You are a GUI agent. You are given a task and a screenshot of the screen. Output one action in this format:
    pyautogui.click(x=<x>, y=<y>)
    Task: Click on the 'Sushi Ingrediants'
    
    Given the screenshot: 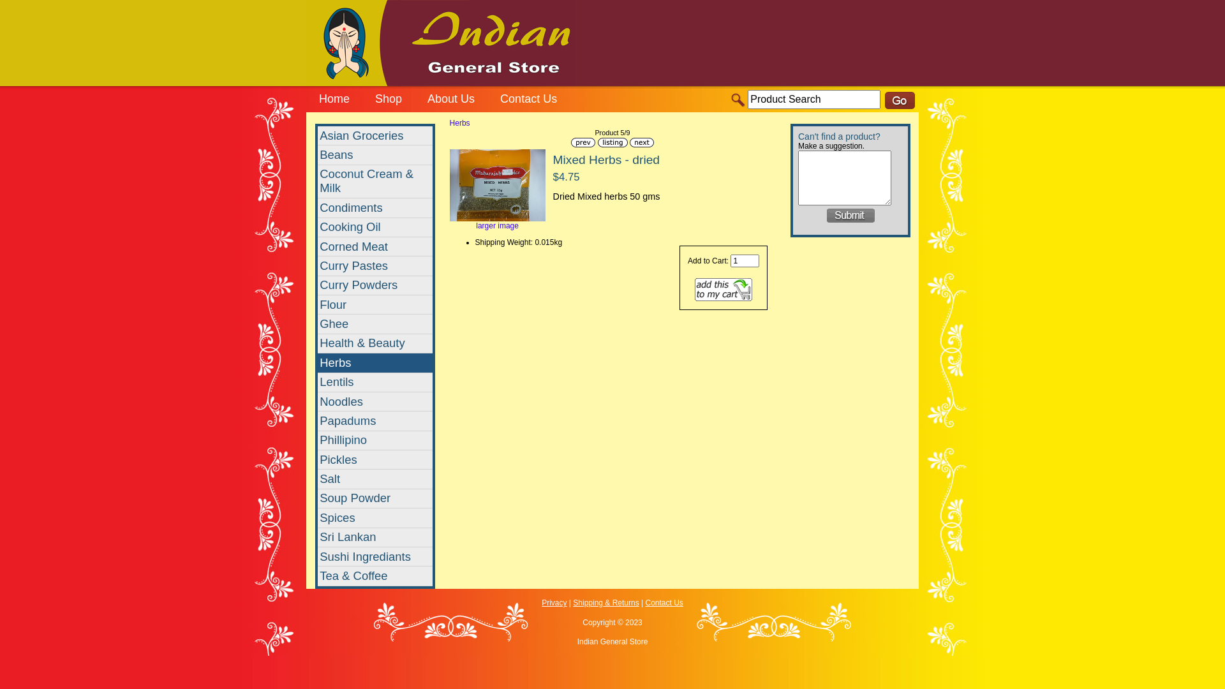 What is the action you would take?
    pyautogui.click(x=318, y=556)
    